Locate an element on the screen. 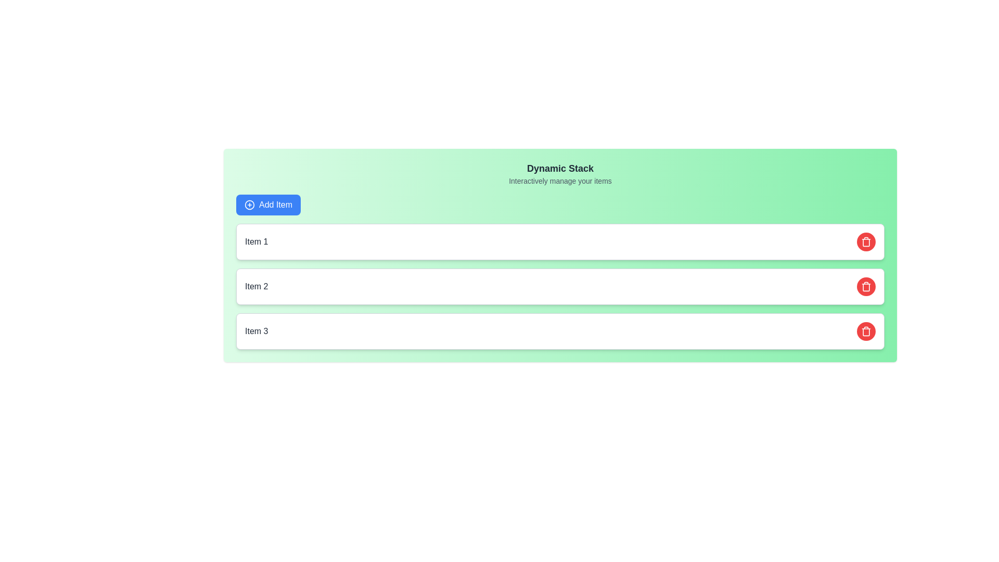 The image size is (999, 562). the static text label that displays the name of an item in the second card below the 'Add Item' button is located at coordinates (257, 287).